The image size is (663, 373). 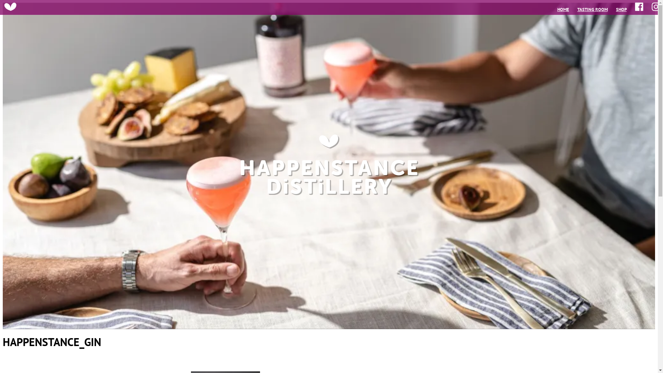 I want to click on 'SHOP', so click(x=621, y=9).